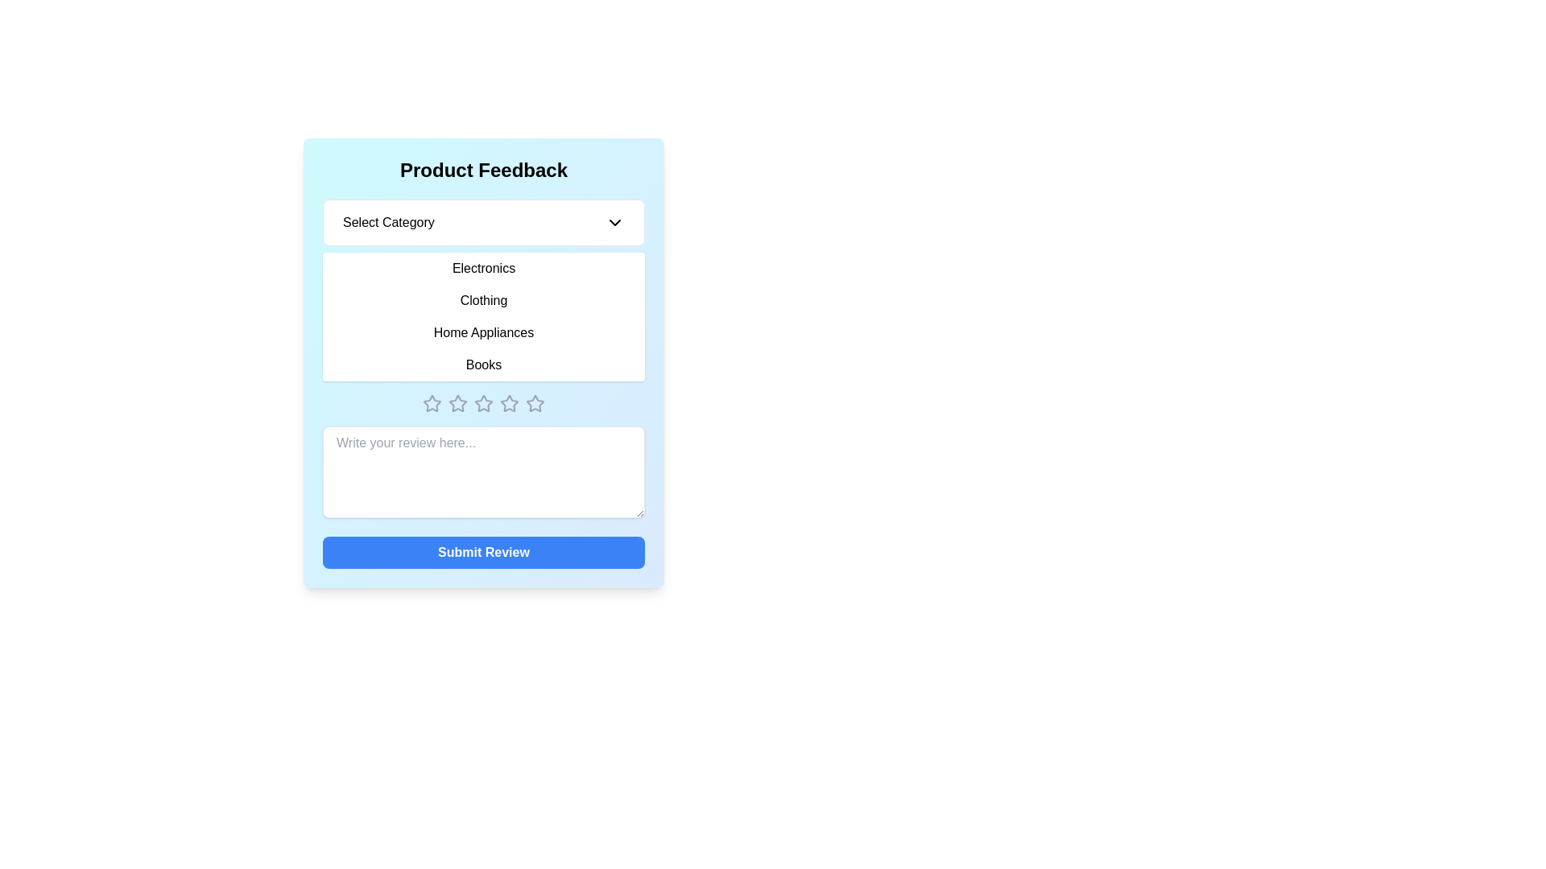 The image size is (1546, 869). I want to click on the fourth star icon in the horizontal row of five stars, so click(509, 402).